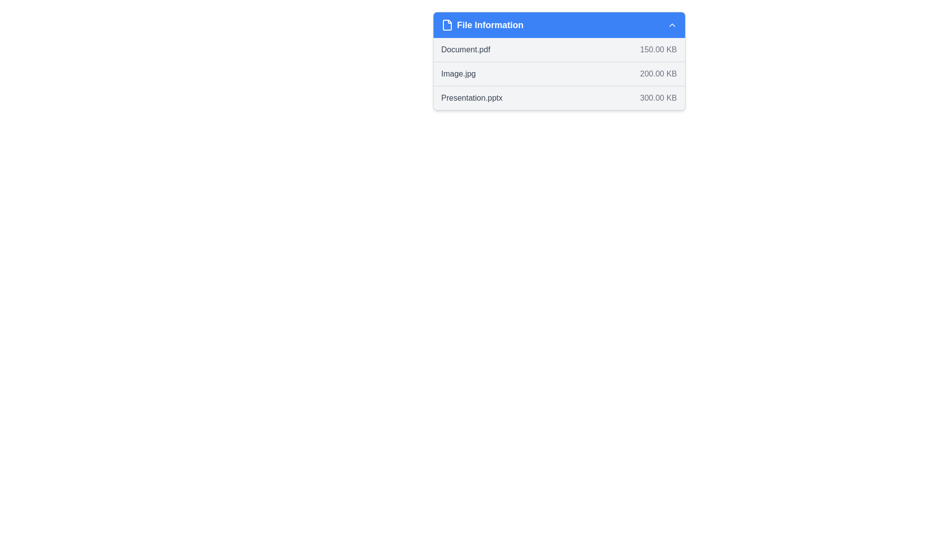 The height and width of the screenshot is (533, 947). What do you see at coordinates (658, 74) in the screenshot?
I see `the static text element displaying '200.00 KB', which indicates the file size in the second row of the table under the 'File Information' header, located to the right of 'Image.jpg'` at bounding box center [658, 74].